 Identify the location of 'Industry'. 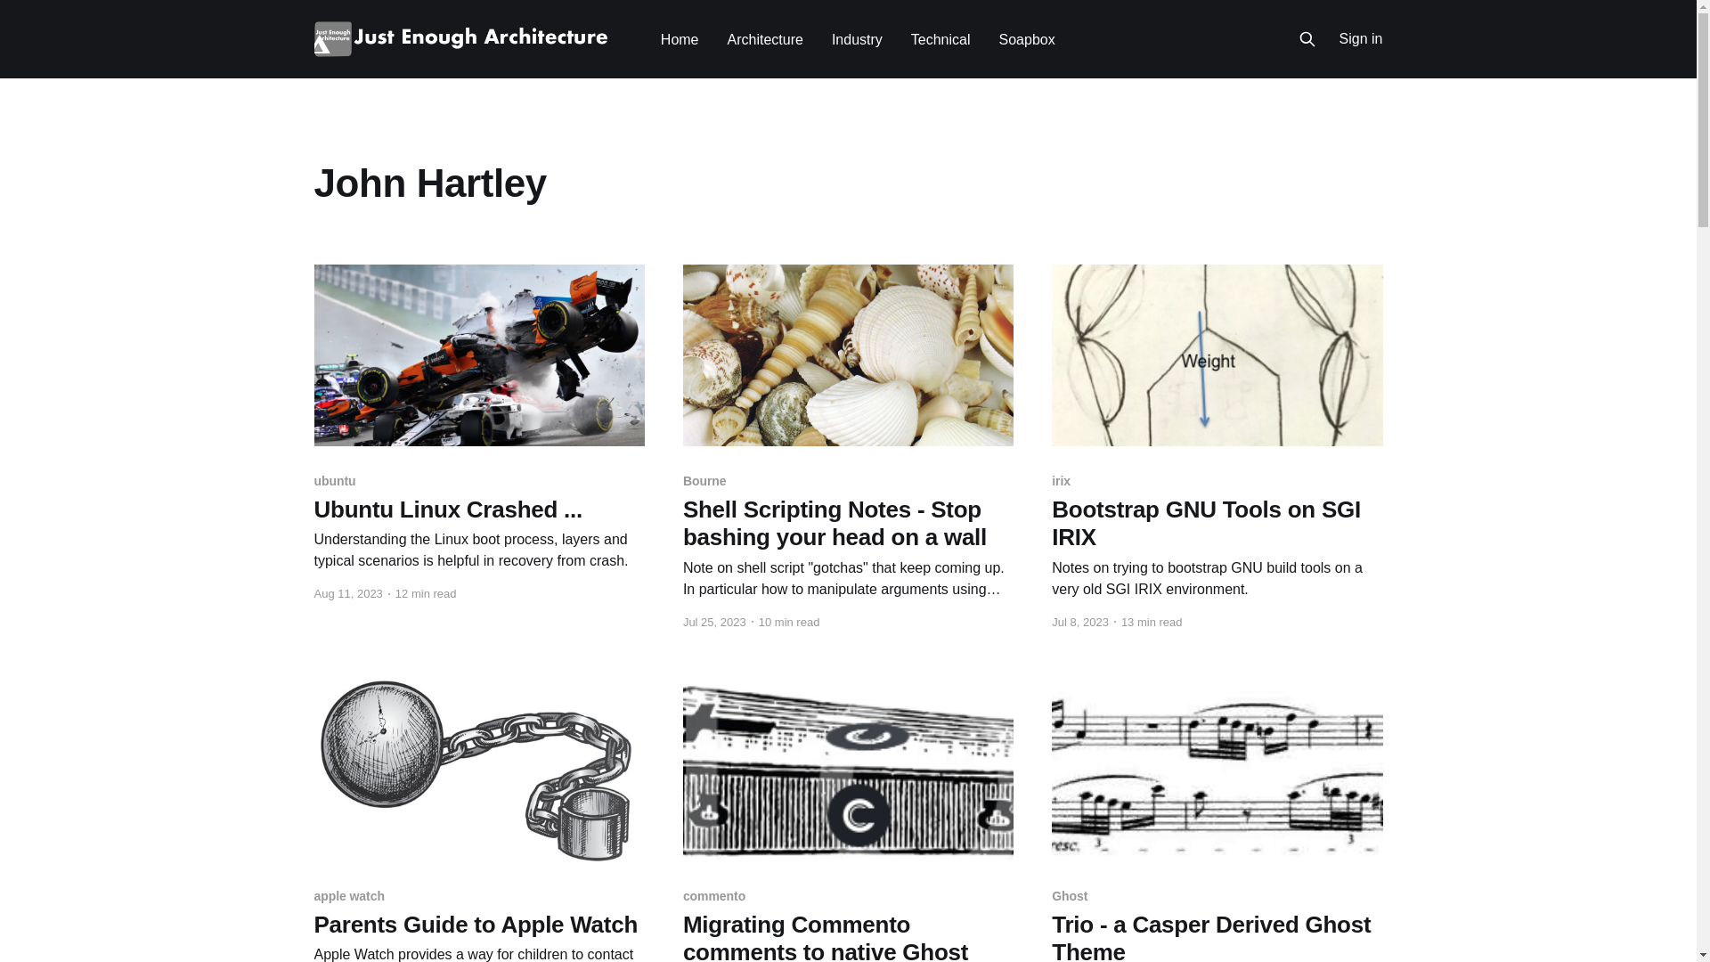
(857, 39).